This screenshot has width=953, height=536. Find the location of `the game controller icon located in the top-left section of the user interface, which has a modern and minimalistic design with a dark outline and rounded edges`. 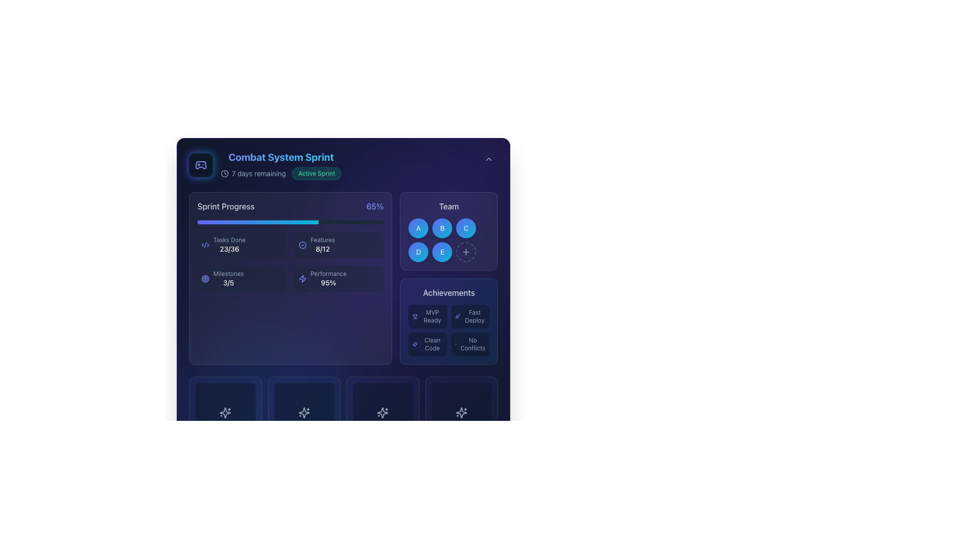

the game controller icon located in the top-left section of the user interface, which has a modern and minimalistic design with a dark outline and rounded edges is located at coordinates (200, 164).